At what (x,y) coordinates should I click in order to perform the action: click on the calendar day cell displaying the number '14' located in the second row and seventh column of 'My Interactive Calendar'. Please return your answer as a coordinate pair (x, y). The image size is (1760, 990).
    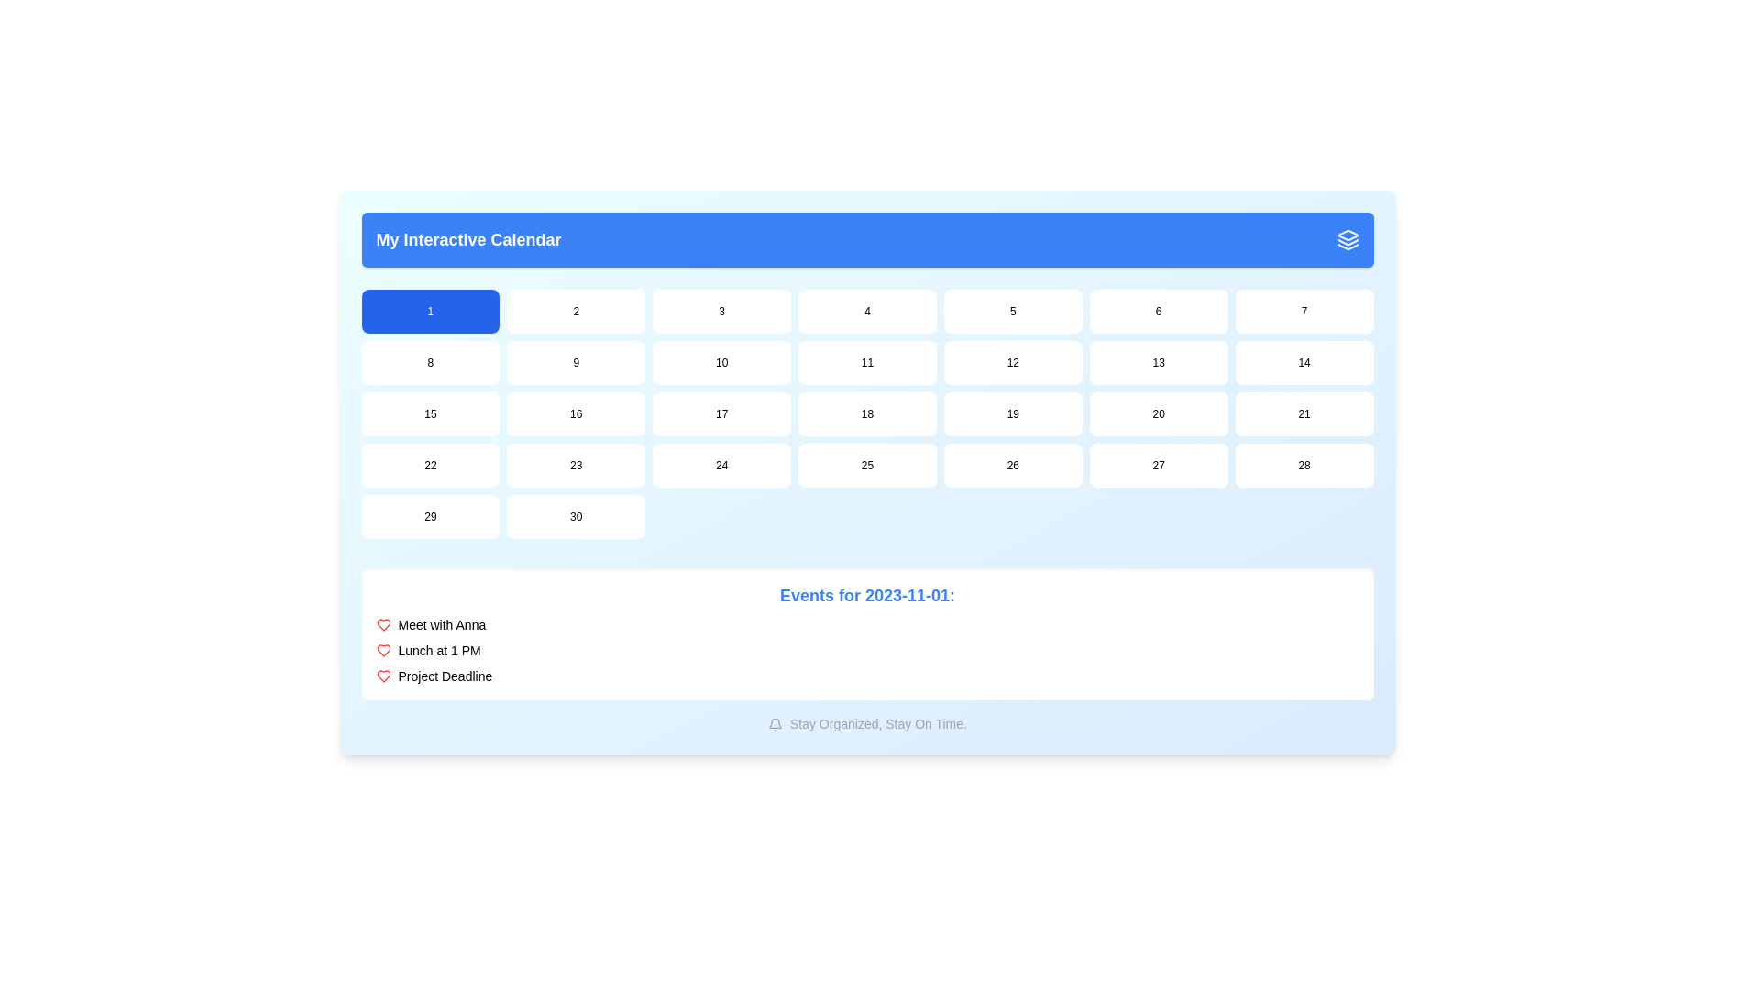
    Looking at the image, I should click on (1303, 363).